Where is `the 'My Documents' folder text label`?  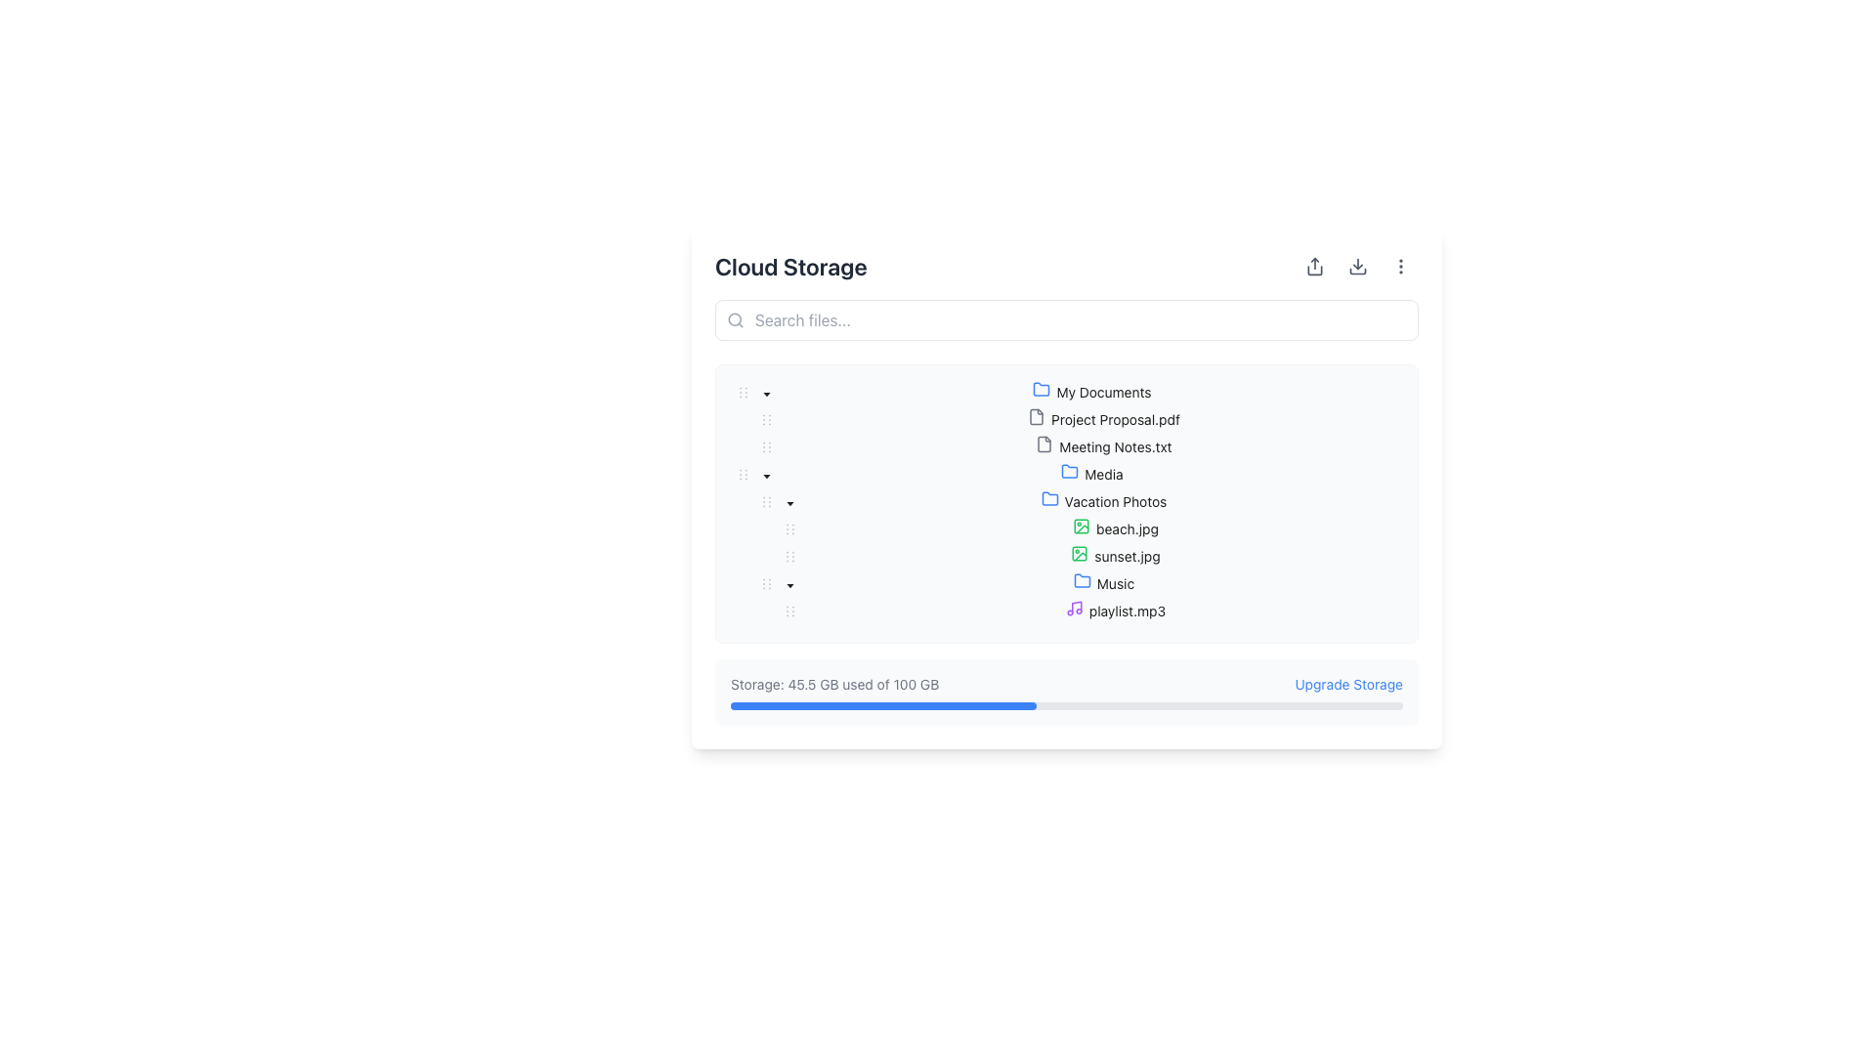 the 'My Documents' folder text label is located at coordinates (1103, 392).